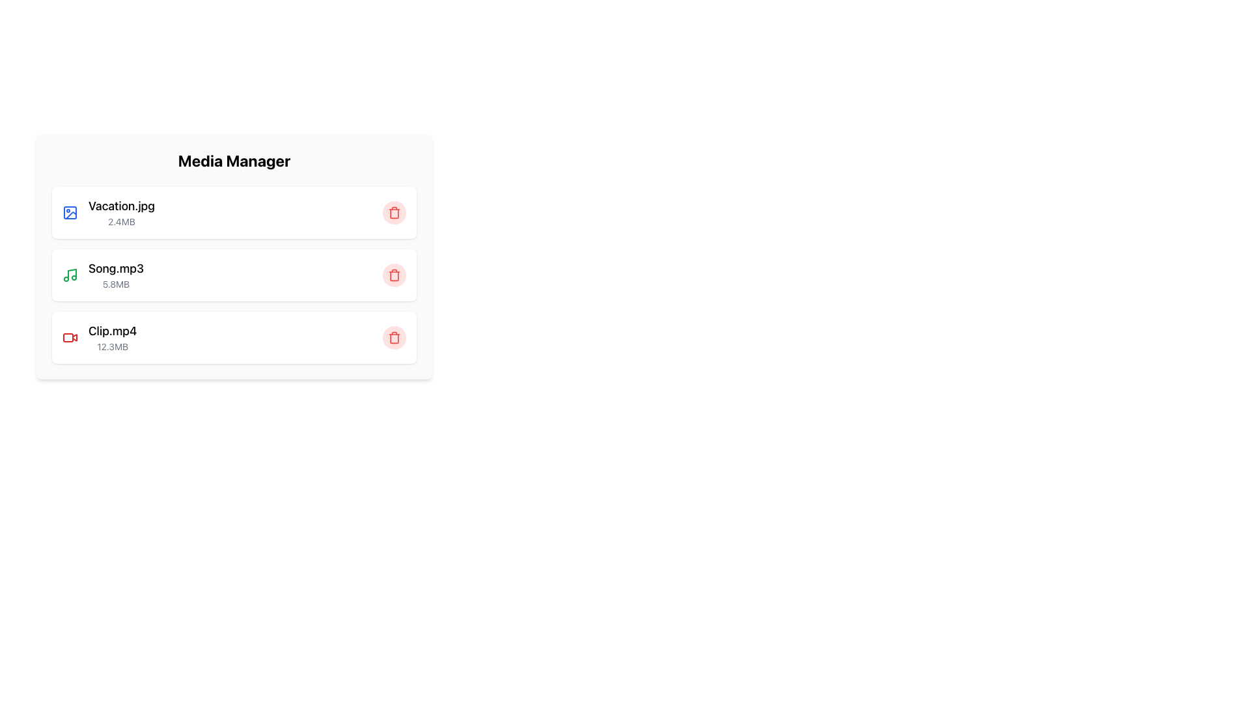 Image resolution: width=1250 pixels, height=703 pixels. Describe the element at coordinates (116, 275) in the screenshot. I see `to select the second list entry in the Media Manager, which displays the name and size of a media file` at that location.